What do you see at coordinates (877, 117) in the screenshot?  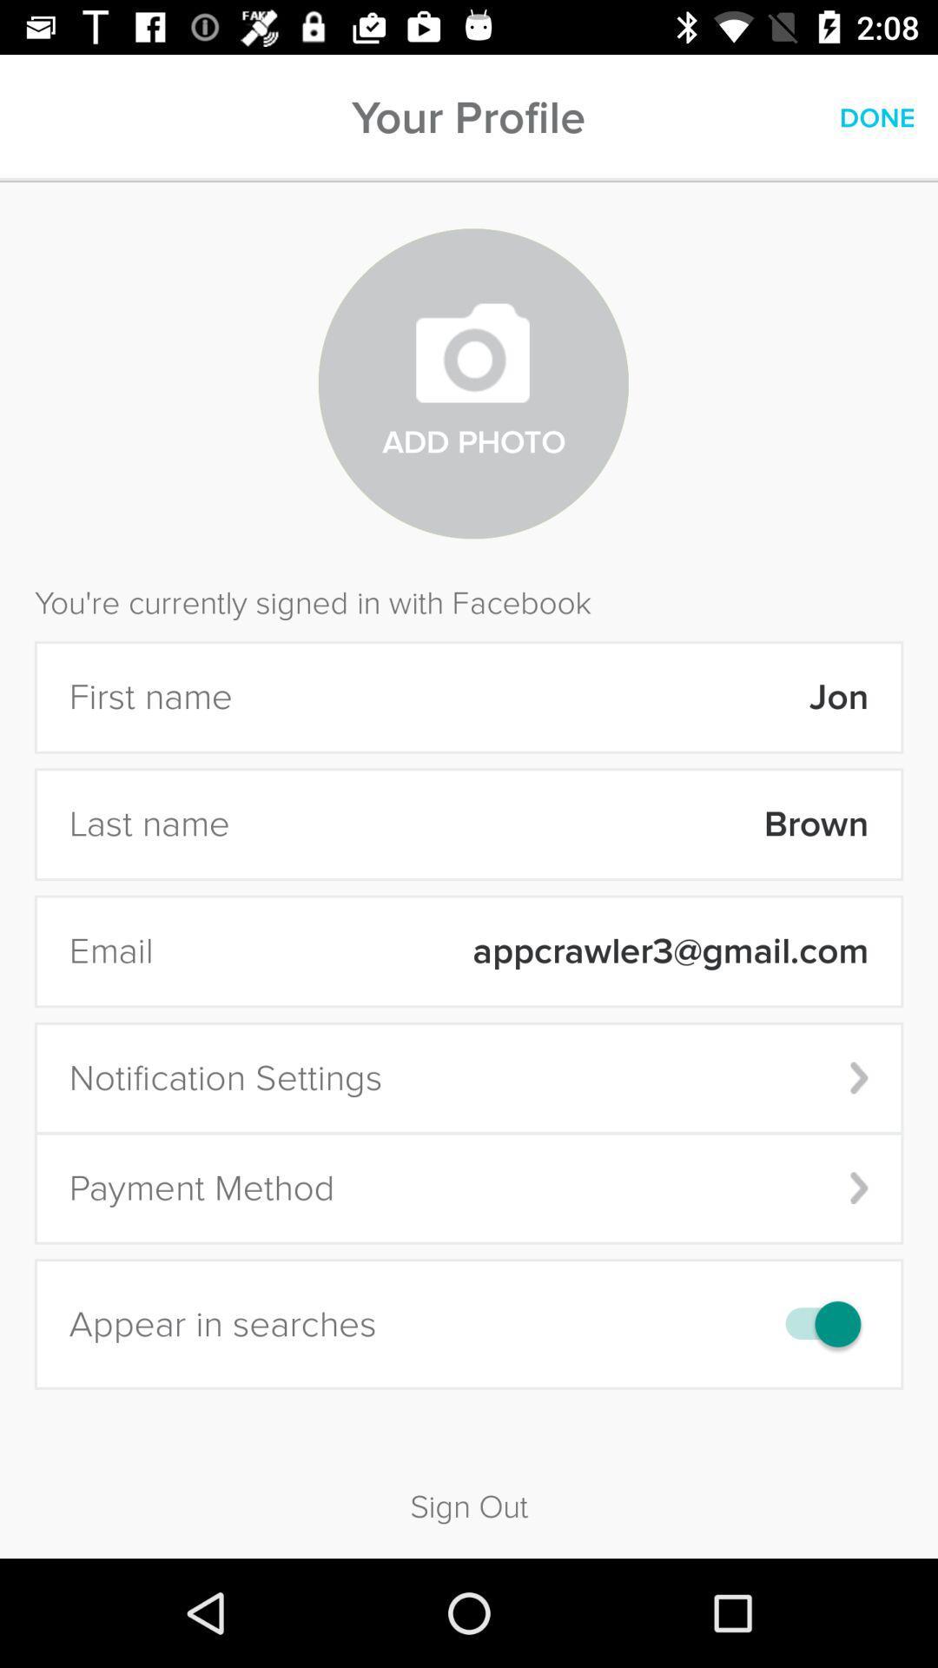 I see `the icon next to the your profile item` at bounding box center [877, 117].